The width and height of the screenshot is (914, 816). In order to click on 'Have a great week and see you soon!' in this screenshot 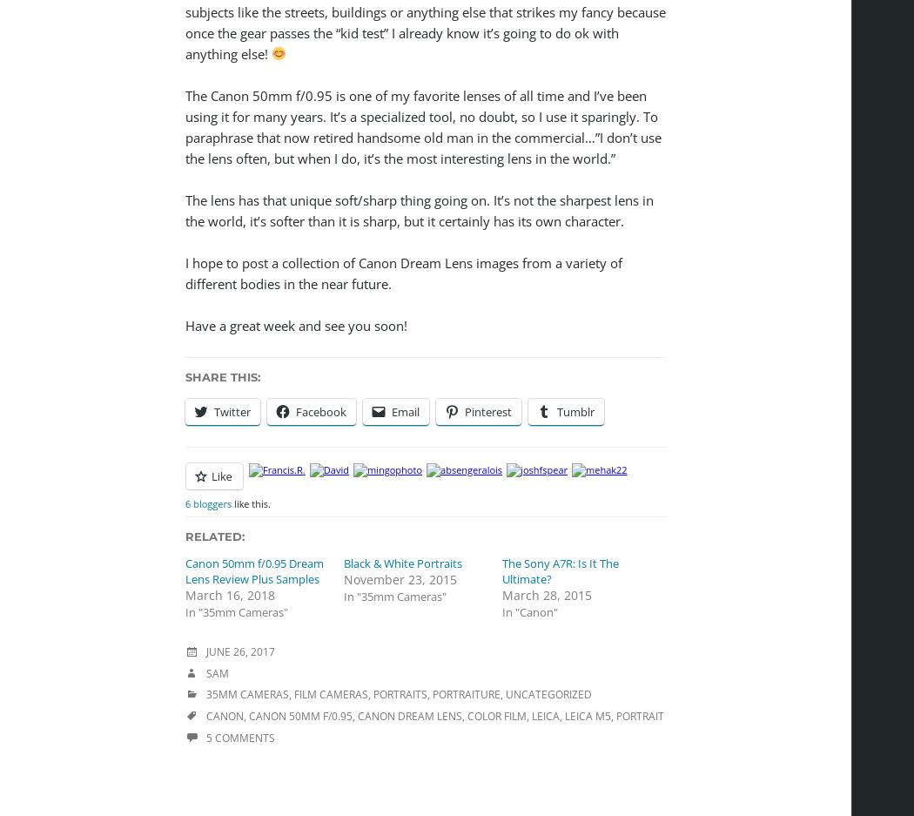, I will do `click(295, 324)`.